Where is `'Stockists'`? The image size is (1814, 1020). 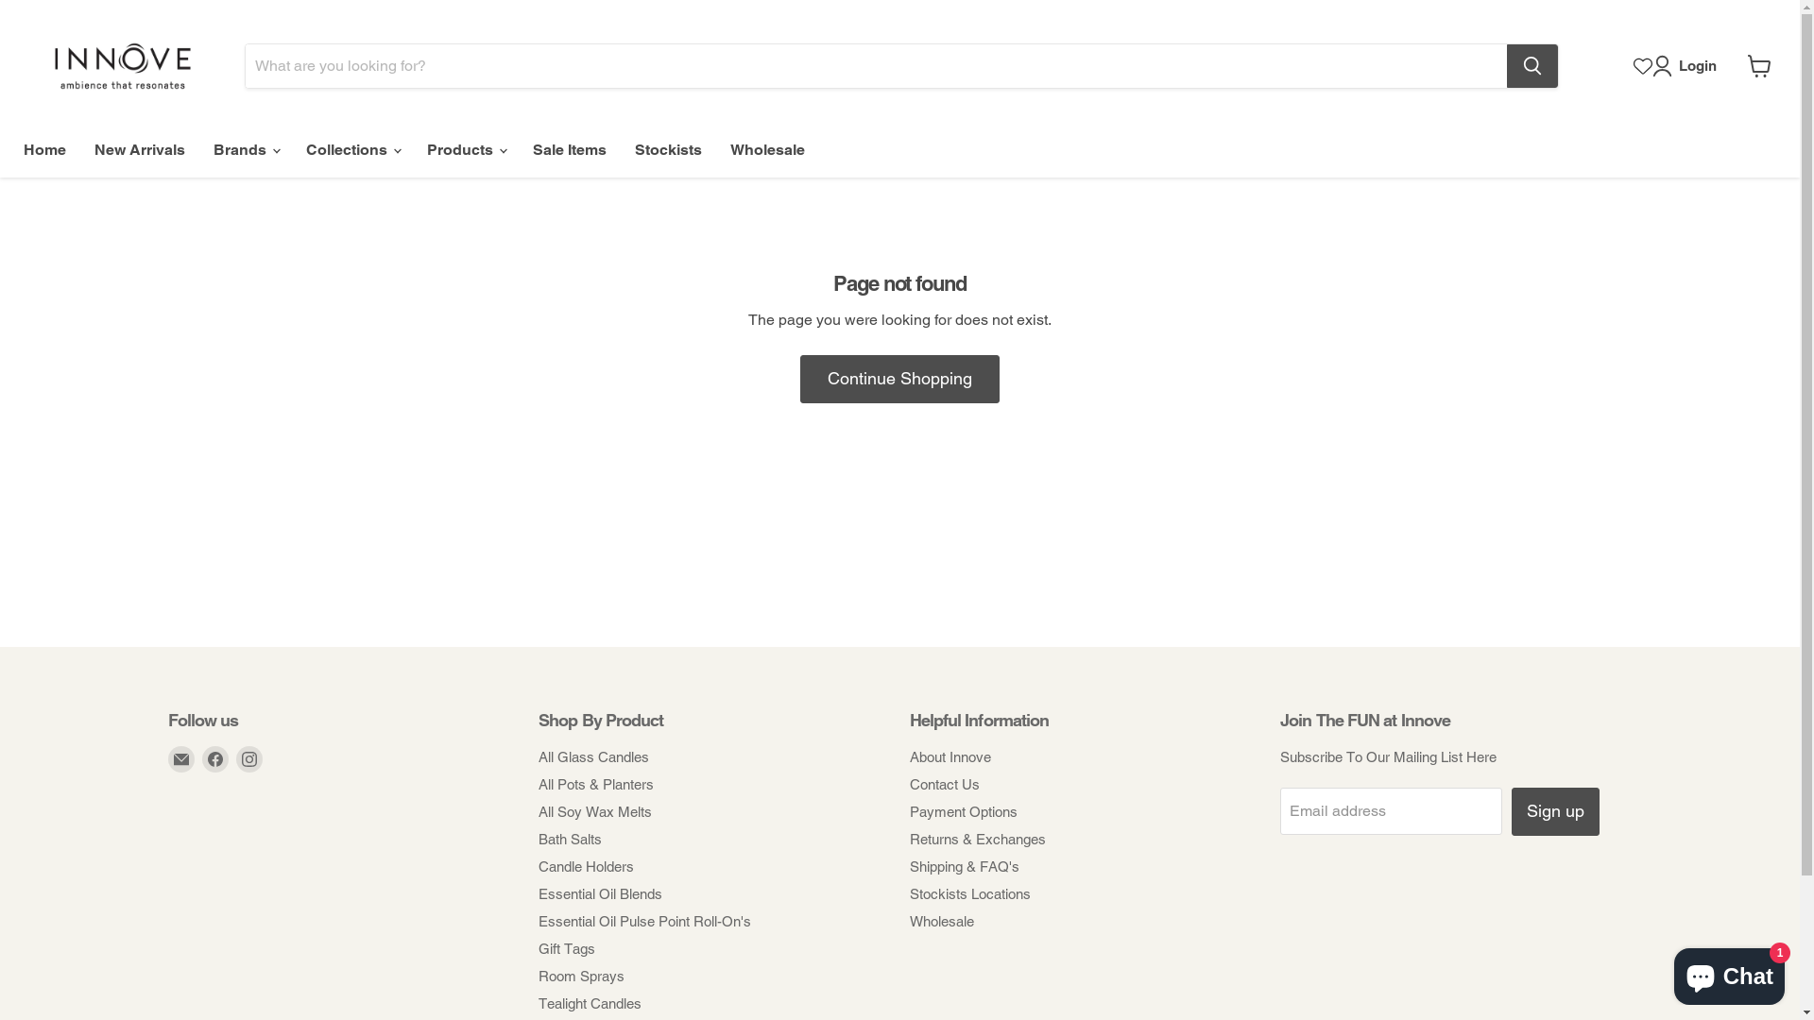 'Stockists' is located at coordinates (668, 148).